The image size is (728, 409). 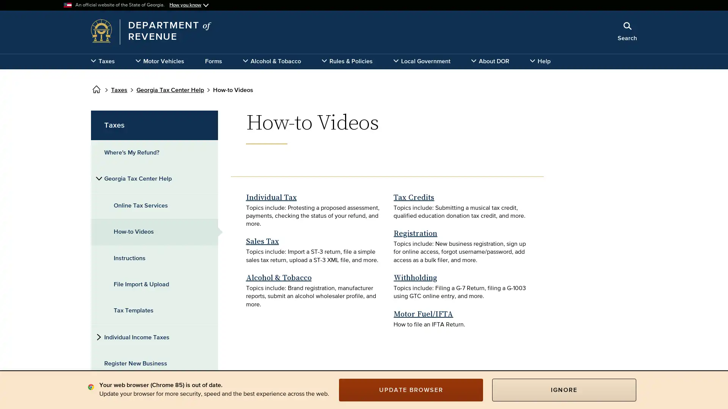 What do you see at coordinates (163, 123) in the screenshot?
I see `x` at bounding box center [163, 123].